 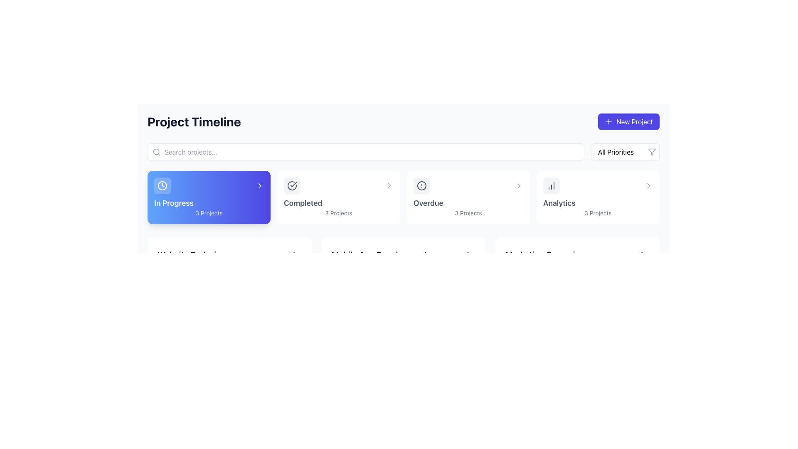 What do you see at coordinates (518, 185) in the screenshot?
I see `the navigation icon located in the bottom right corner of the 'Overdue' card` at bounding box center [518, 185].